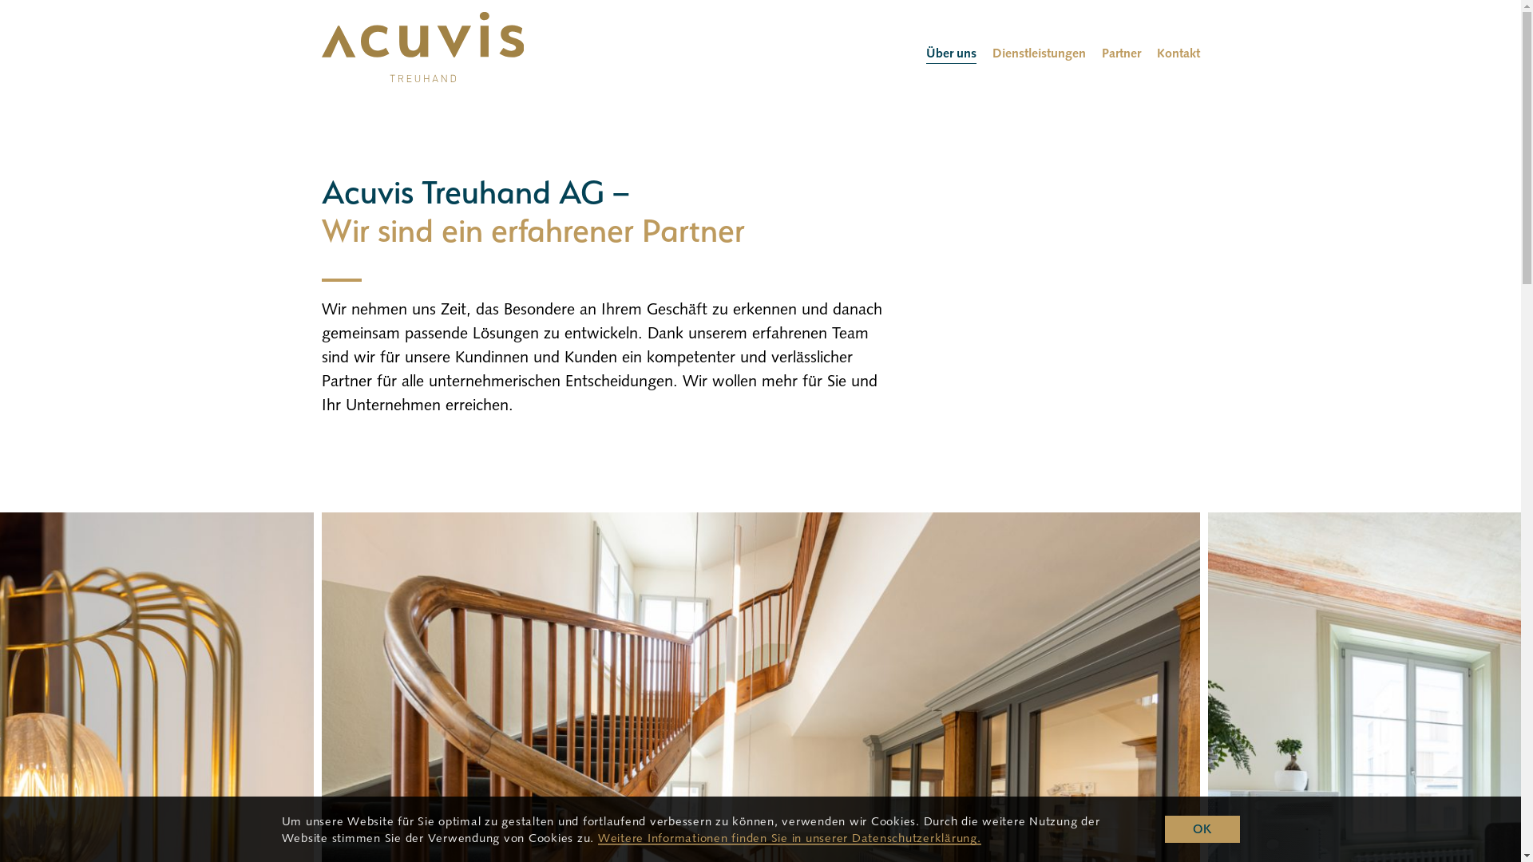  Describe the element at coordinates (1038, 52) in the screenshot. I see `'Dienstleistungen'` at that location.